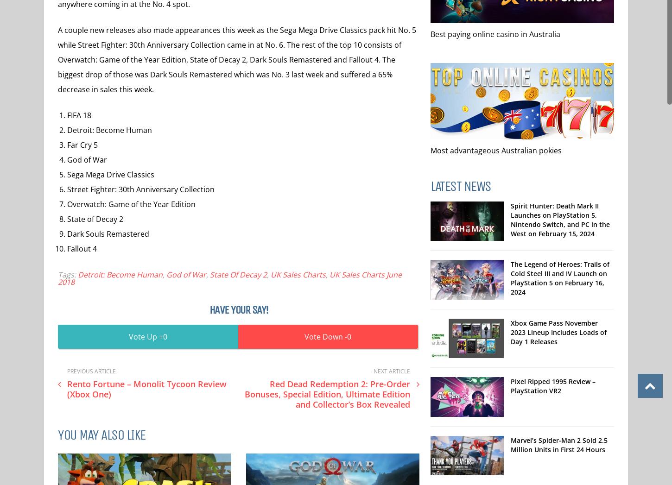 The width and height of the screenshot is (672, 485). What do you see at coordinates (460, 185) in the screenshot?
I see `'Latest News'` at bounding box center [460, 185].